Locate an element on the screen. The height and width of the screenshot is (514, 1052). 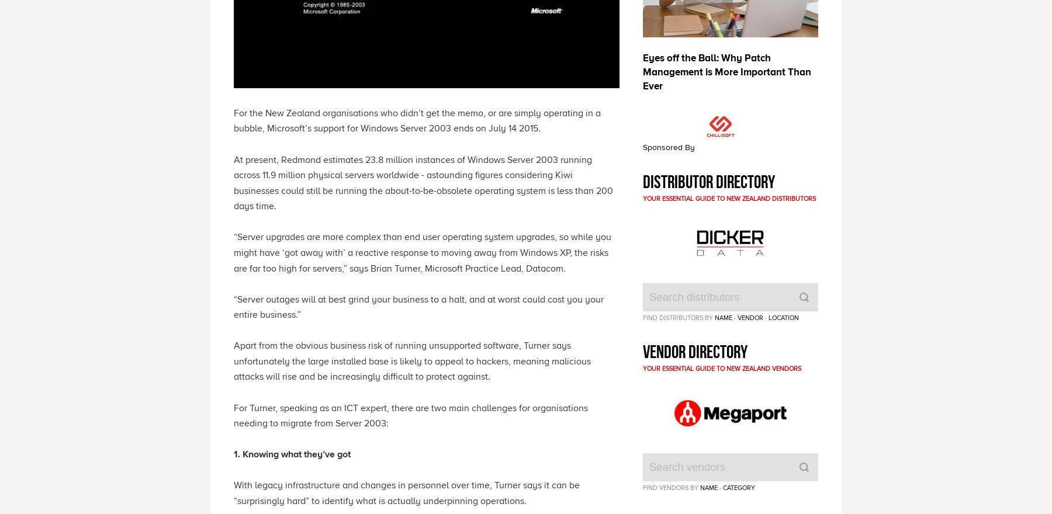
'“Server outages will at best grind your business to a halt, and at worst could cost you your entire business.”' is located at coordinates (233, 306).